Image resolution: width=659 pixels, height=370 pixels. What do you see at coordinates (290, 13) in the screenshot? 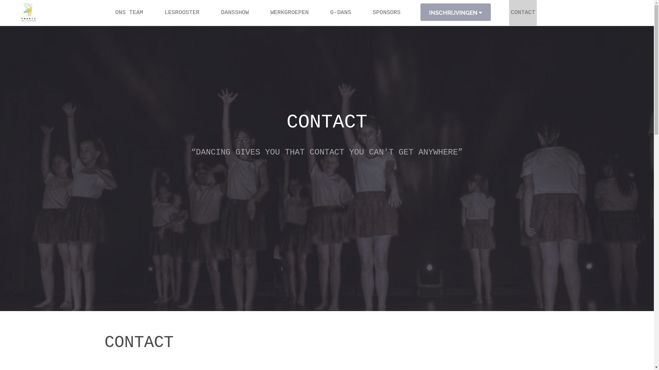
I see `'WERKGROEPEN'` at bounding box center [290, 13].